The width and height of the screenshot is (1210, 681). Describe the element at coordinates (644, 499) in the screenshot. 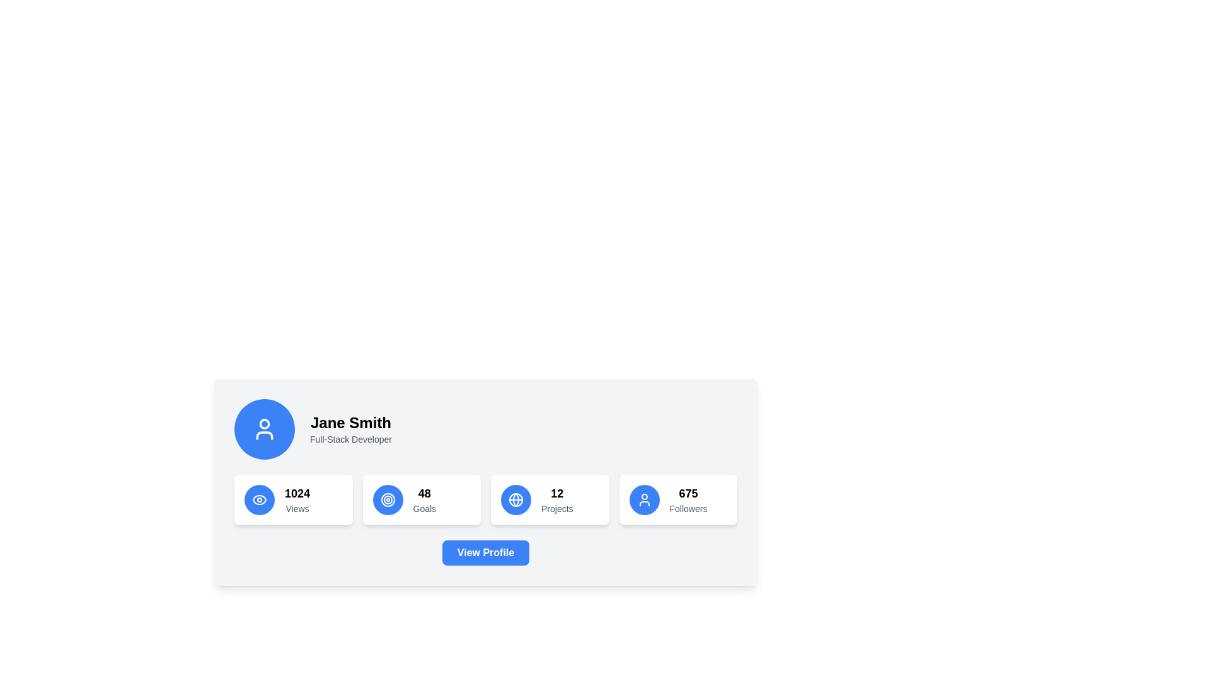

I see `the profile icon, which is a light blue circular head and shoulders outline located in a blue circular button at the top-left corner of the profile card` at that location.